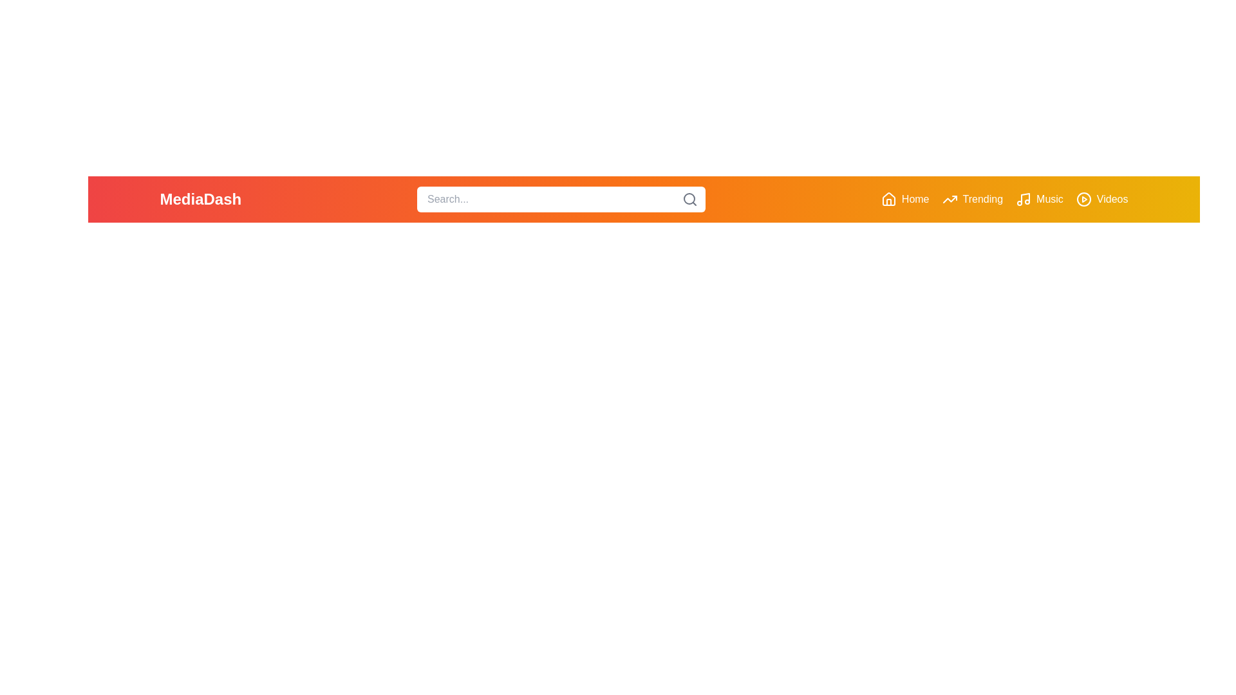 The height and width of the screenshot is (695, 1236). What do you see at coordinates (561, 199) in the screenshot?
I see `the interactive element Search Bar` at bounding box center [561, 199].